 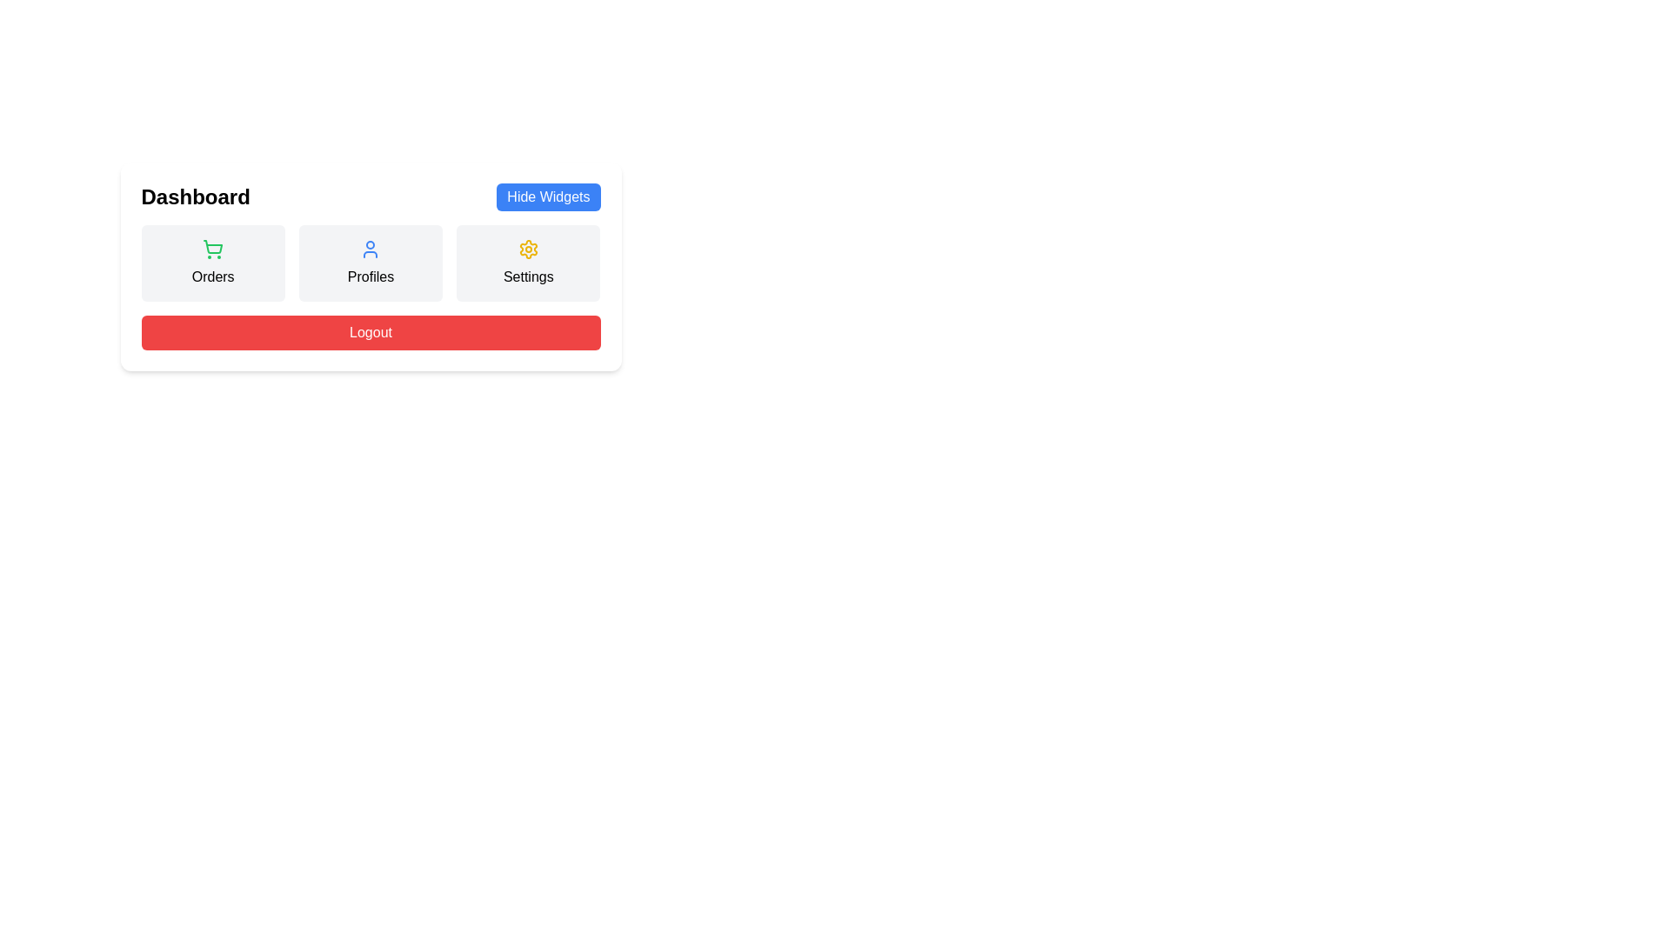 What do you see at coordinates (370, 276) in the screenshot?
I see `text label displaying the word 'Profiles', which is centered below a user profile icon and between 'Orders' and 'Settings'` at bounding box center [370, 276].